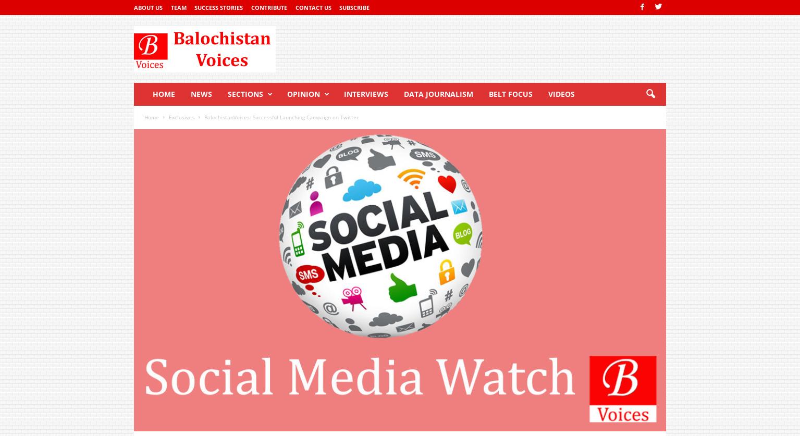 The width and height of the screenshot is (800, 436). What do you see at coordinates (268, 7) in the screenshot?
I see `'Contribute'` at bounding box center [268, 7].